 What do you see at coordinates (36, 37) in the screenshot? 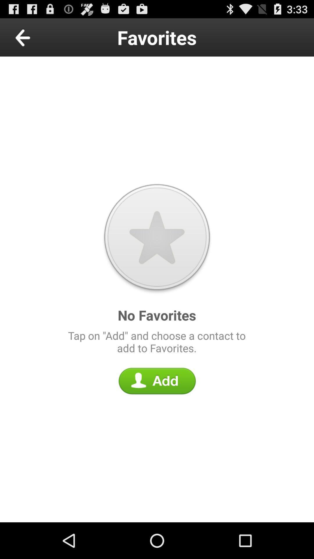
I see `go back` at bounding box center [36, 37].